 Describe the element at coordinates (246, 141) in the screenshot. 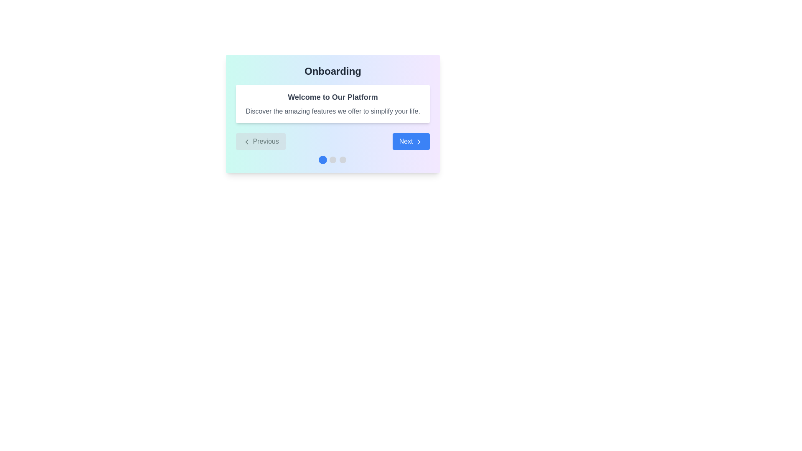

I see `the chevron icon located to the left of the 'Previous' text in the navigation bar at the bottom of the onboarding interface` at that location.